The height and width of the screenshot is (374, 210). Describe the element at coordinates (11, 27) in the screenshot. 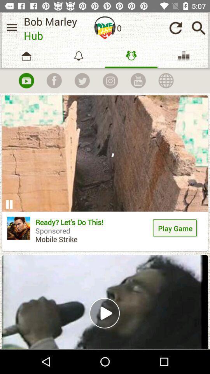

I see `show the menu` at that location.